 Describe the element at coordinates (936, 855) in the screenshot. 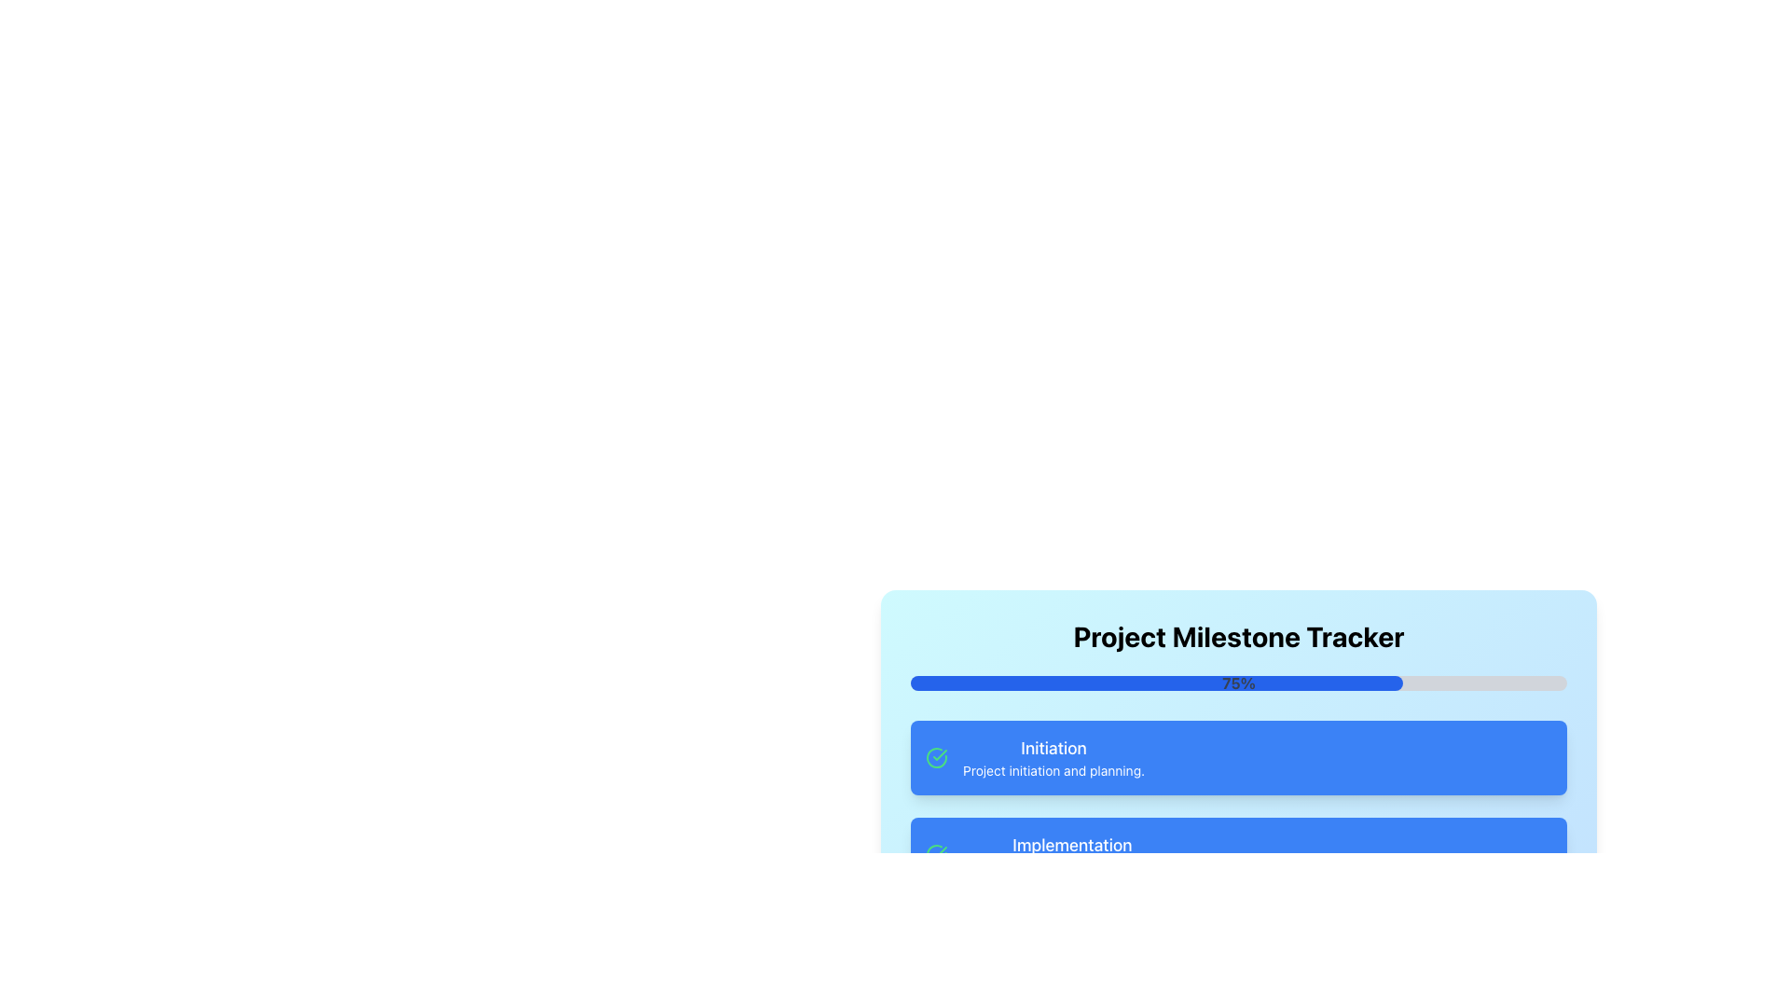

I see `the green checkmark icon indicating completion within the Implementation milestone section, positioned to the left of the Implementation text` at that location.